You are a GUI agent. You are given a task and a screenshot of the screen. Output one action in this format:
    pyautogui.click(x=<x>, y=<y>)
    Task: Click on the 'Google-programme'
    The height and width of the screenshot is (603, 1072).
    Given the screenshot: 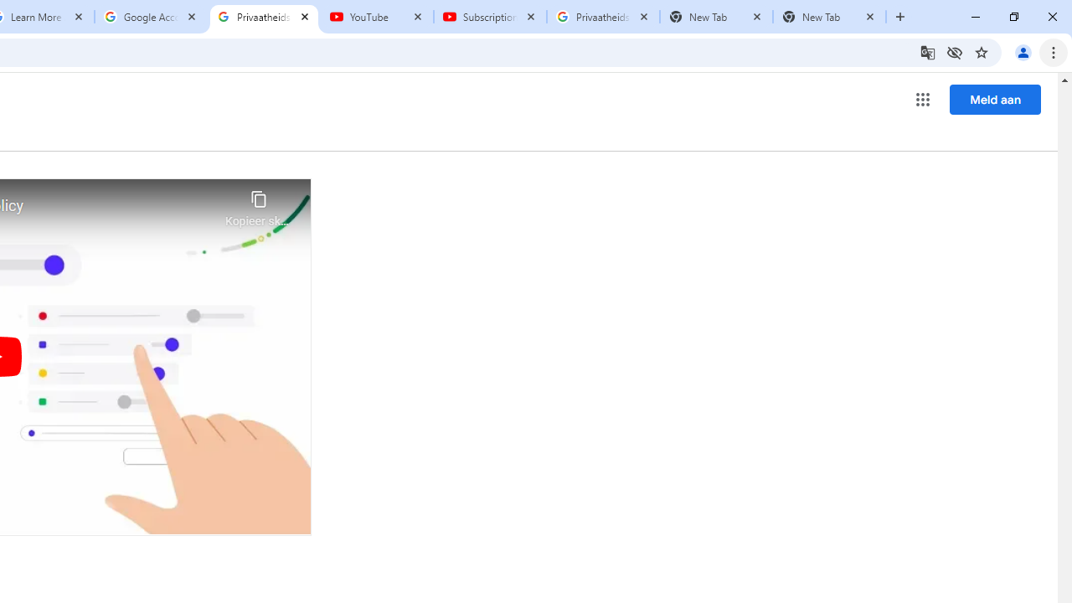 What is the action you would take?
    pyautogui.click(x=922, y=100)
    